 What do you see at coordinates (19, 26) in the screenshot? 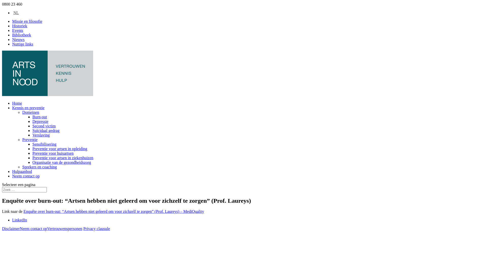
I see `'Historiek'` at bounding box center [19, 26].